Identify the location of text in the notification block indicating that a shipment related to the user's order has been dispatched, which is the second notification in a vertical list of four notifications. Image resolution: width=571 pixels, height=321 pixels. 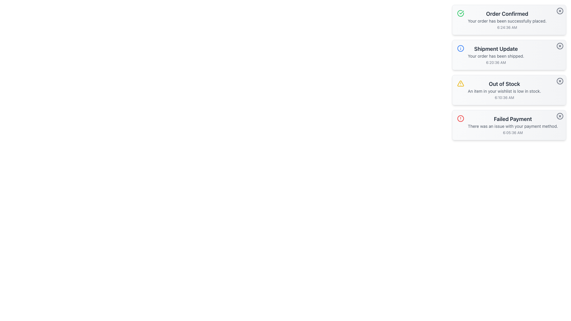
(496, 55).